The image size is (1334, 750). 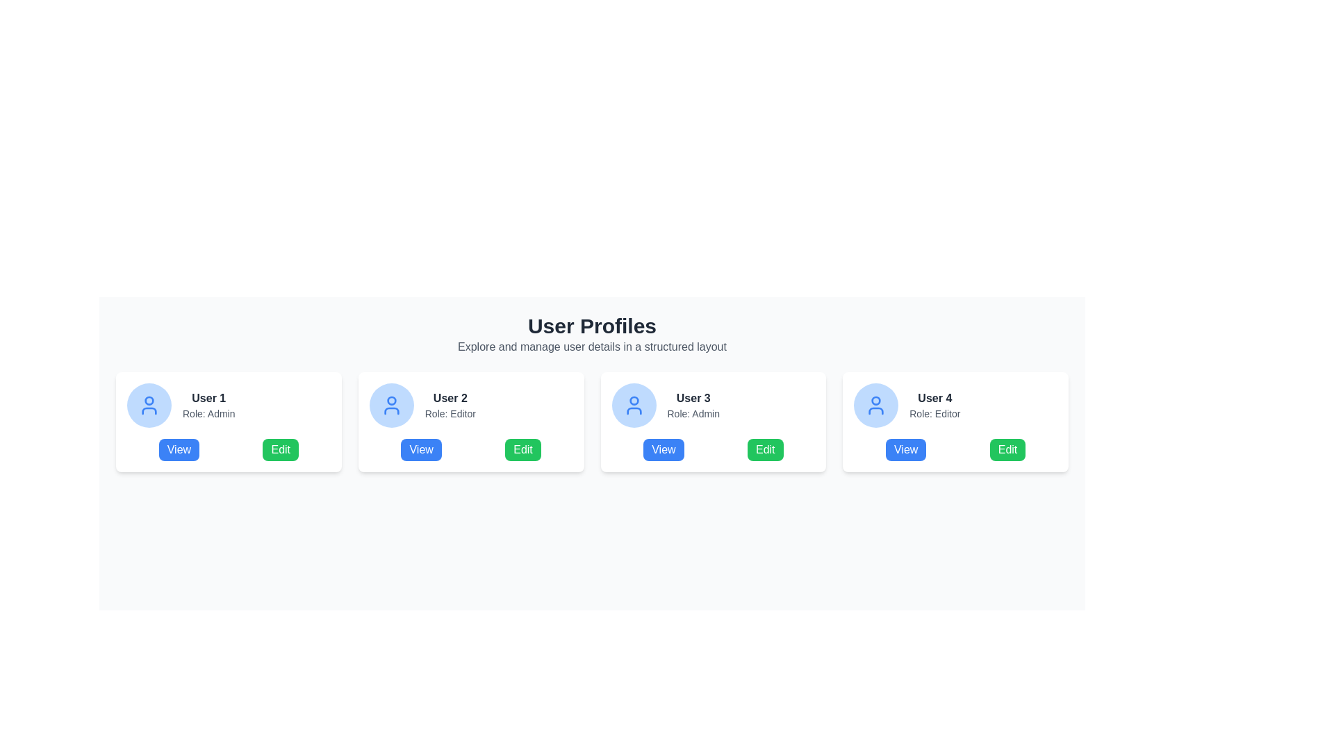 What do you see at coordinates (390, 401) in the screenshot?
I see `user avatar icon represented by the circular part within the SVG, located in the second user card from the left in the row of user profiles, using developer tools` at bounding box center [390, 401].